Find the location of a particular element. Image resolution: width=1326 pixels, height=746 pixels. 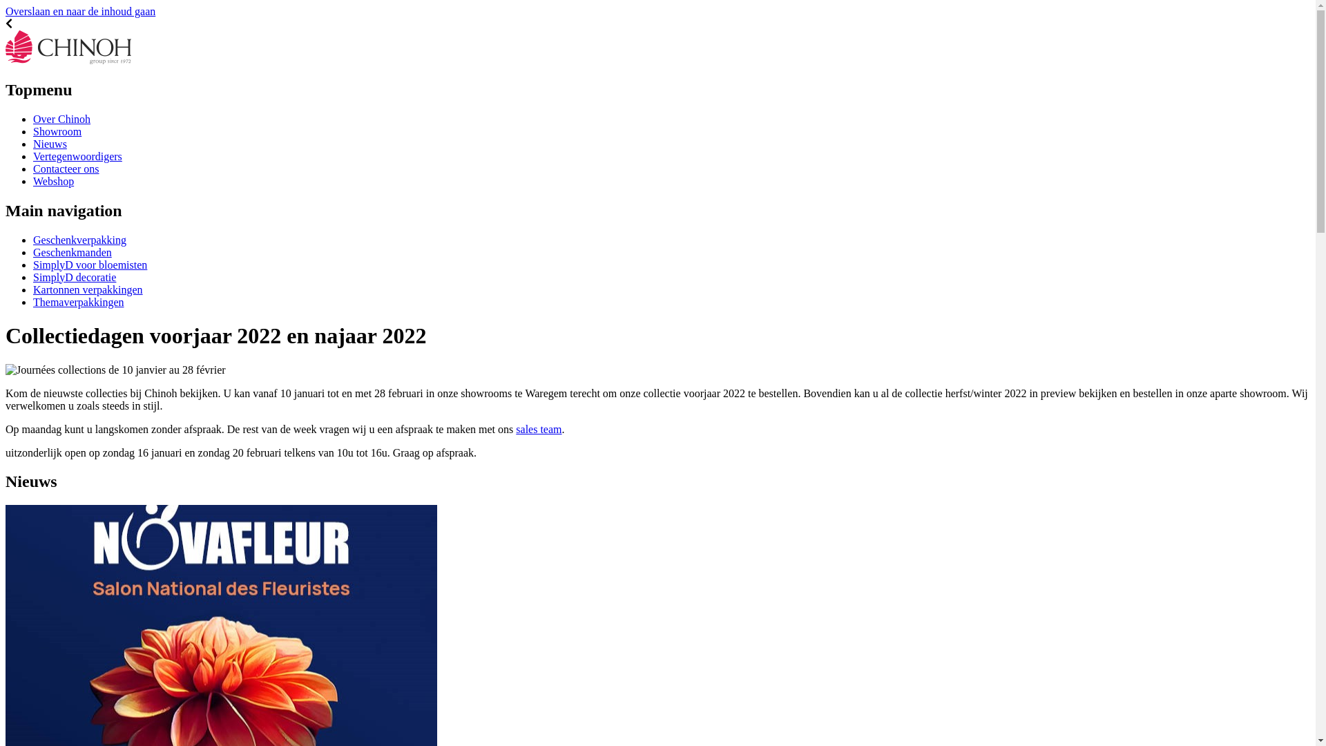

'SimplyD voor bloemisten' is located at coordinates (89, 265).